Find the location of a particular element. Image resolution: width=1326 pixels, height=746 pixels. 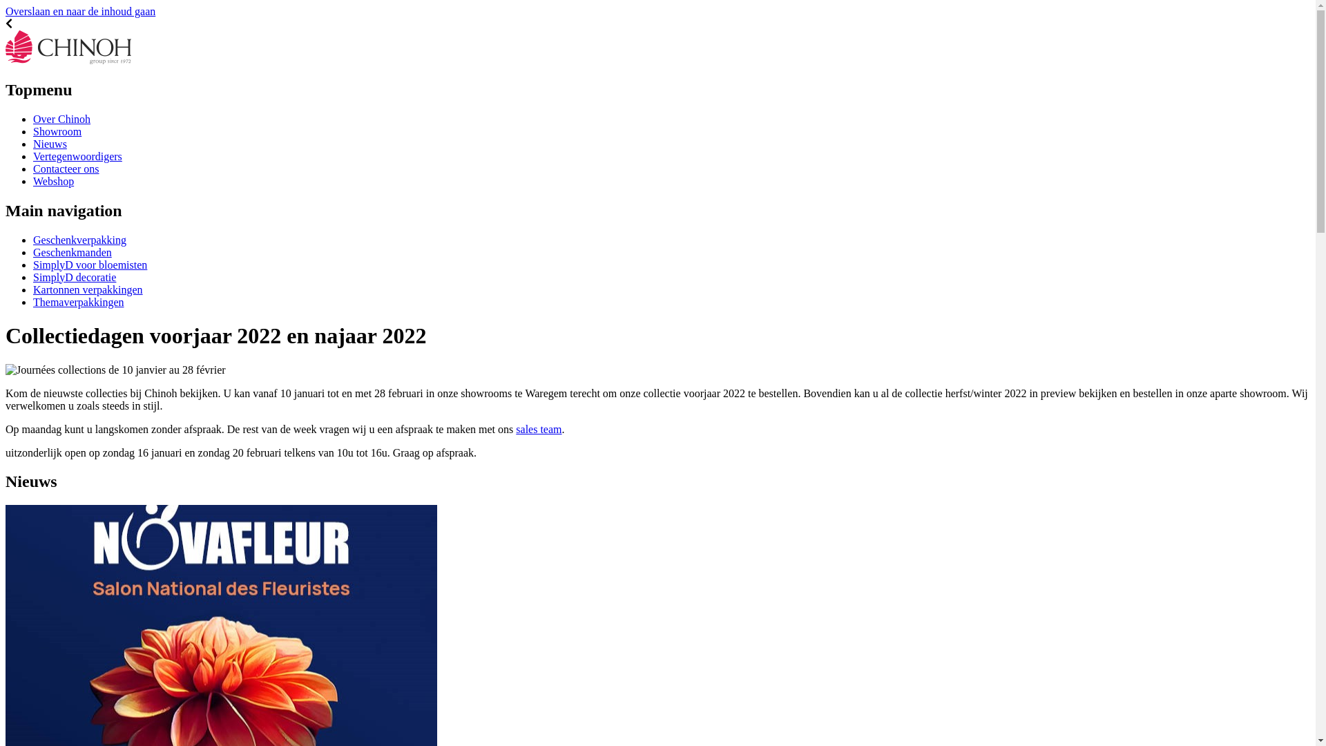

'SimplyD voor bloemisten' is located at coordinates (89, 265).